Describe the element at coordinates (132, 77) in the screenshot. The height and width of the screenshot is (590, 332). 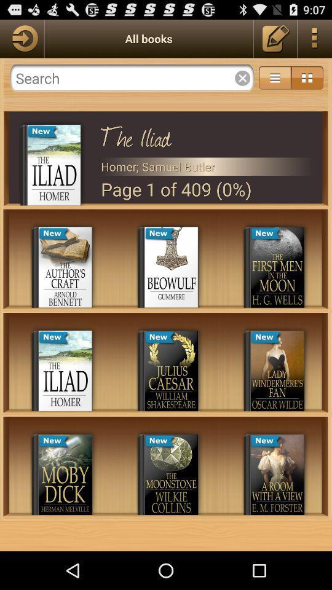
I see `the item above the the iliad item` at that location.